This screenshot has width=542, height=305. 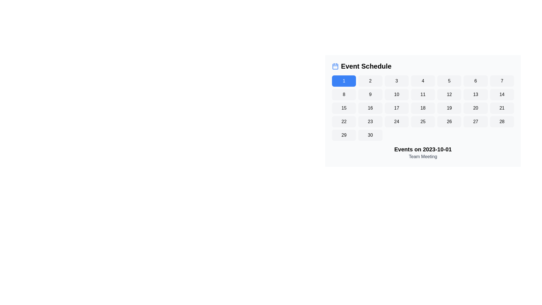 What do you see at coordinates (370, 108) in the screenshot?
I see `the button displaying the number '16' in a calendar grid layout` at bounding box center [370, 108].